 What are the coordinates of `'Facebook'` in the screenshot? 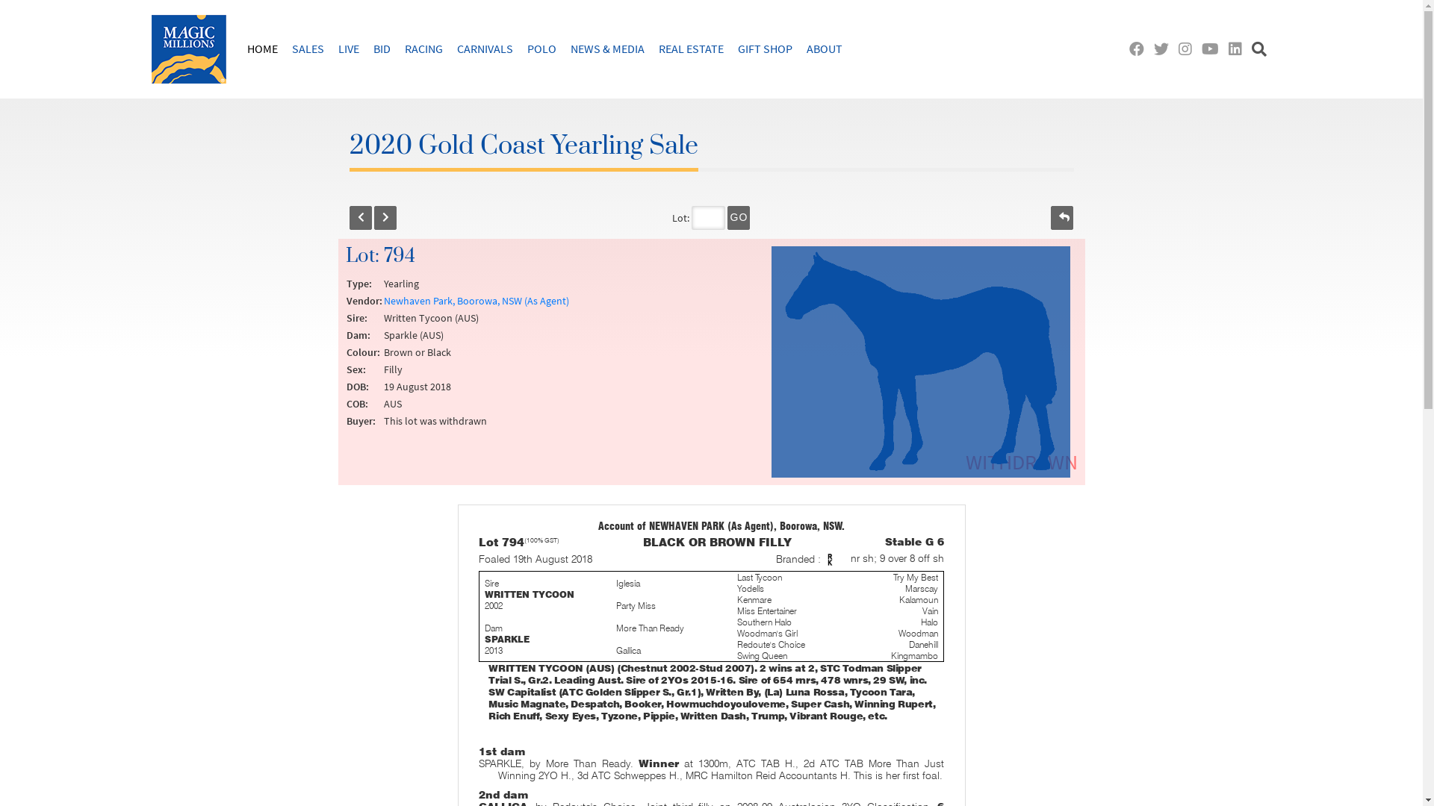 It's located at (1139, 48).